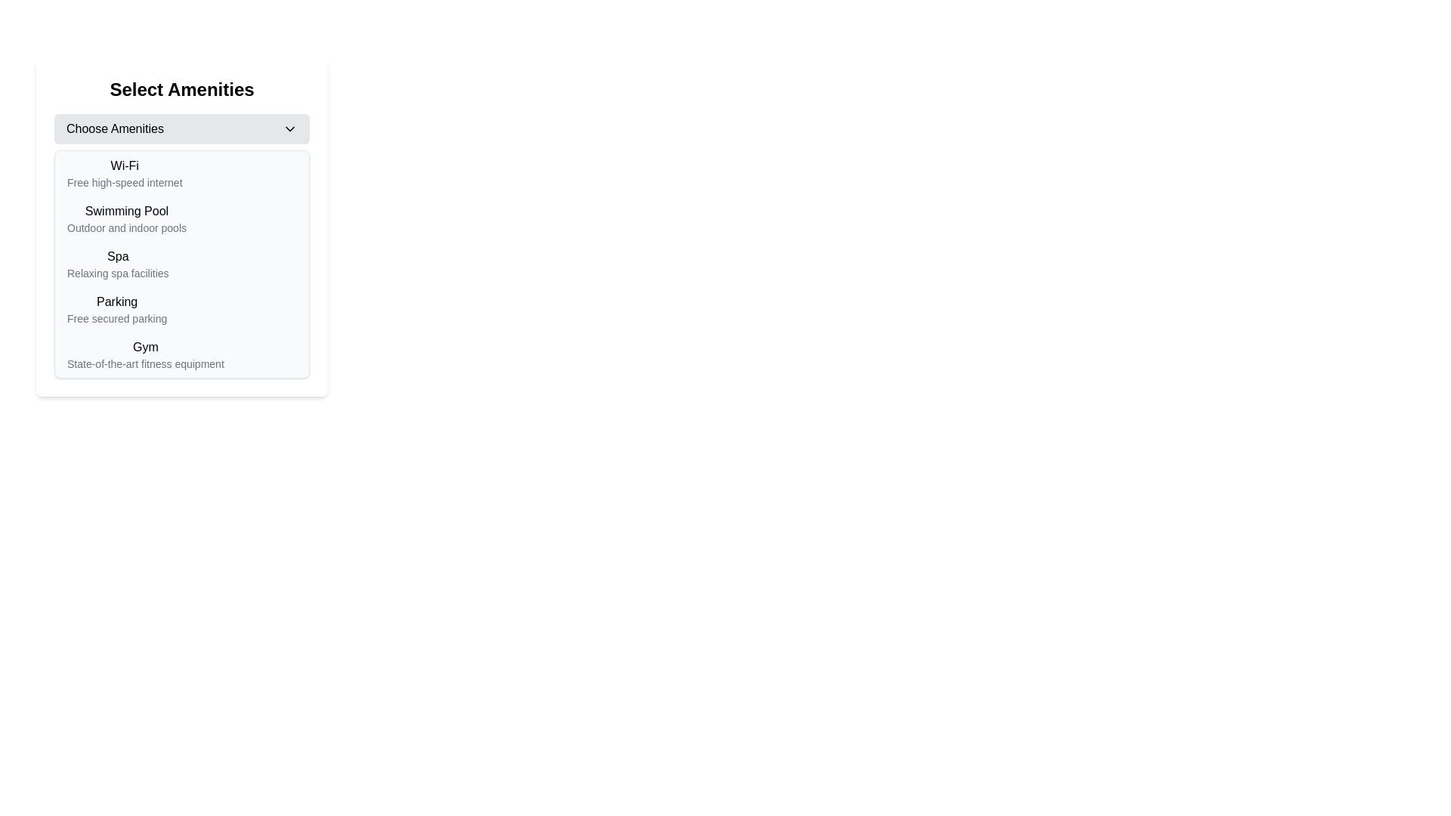 This screenshot has height=816, width=1451. What do you see at coordinates (125, 182) in the screenshot?
I see `the text label that contains 'Free high-speed internet', which is styled in a smaller gray font and located below the bolded 'Wi-Fi' label` at bounding box center [125, 182].